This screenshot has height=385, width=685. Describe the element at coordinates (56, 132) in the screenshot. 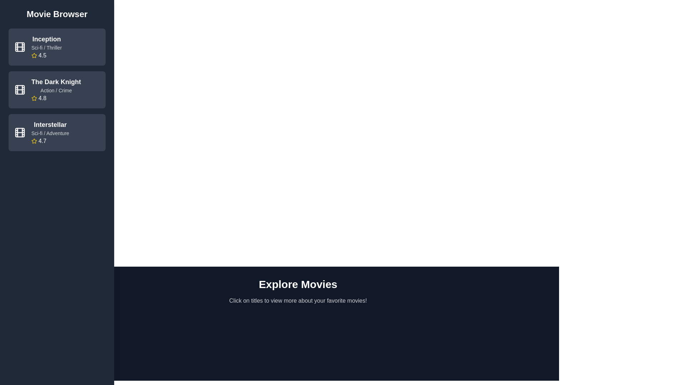

I see `the movie item titled Interstellar` at that location.